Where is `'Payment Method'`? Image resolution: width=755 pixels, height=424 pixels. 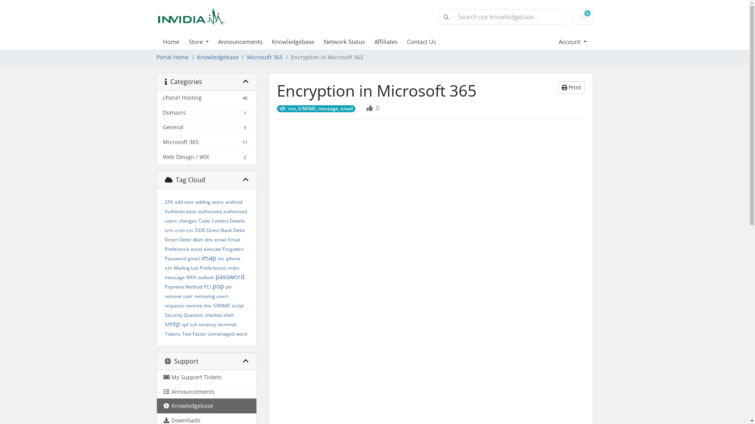
'Payment Method' is located at coordinates (164, 287).